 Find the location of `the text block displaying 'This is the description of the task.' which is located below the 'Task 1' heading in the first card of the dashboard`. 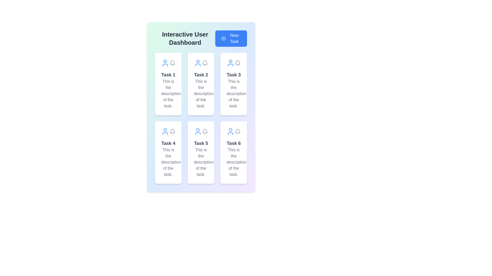

the text block displaying 'This is the description of the task.' which is located below the 'Task 1' heading in the first card of the dashboard is located at coordinates (168, 94).